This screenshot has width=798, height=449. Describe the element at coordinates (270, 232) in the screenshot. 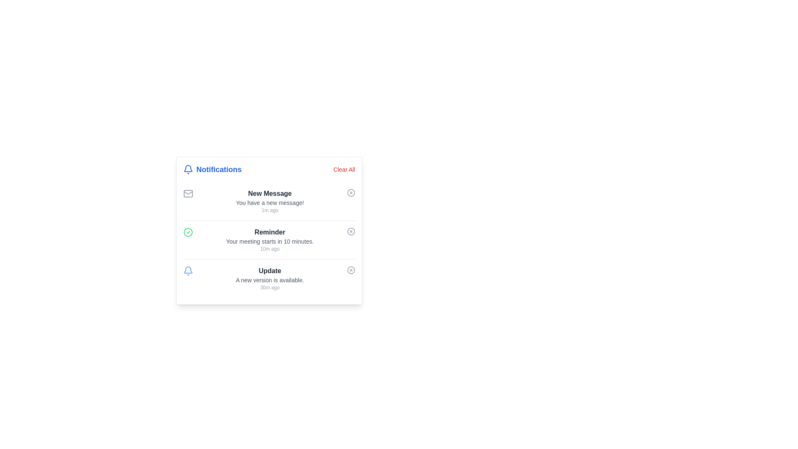

I see `the bold text element reading 'Reminder', which is styled with a dark gray font color and positioned above a lighter gray text block in the middle section of a notification card` at that location.